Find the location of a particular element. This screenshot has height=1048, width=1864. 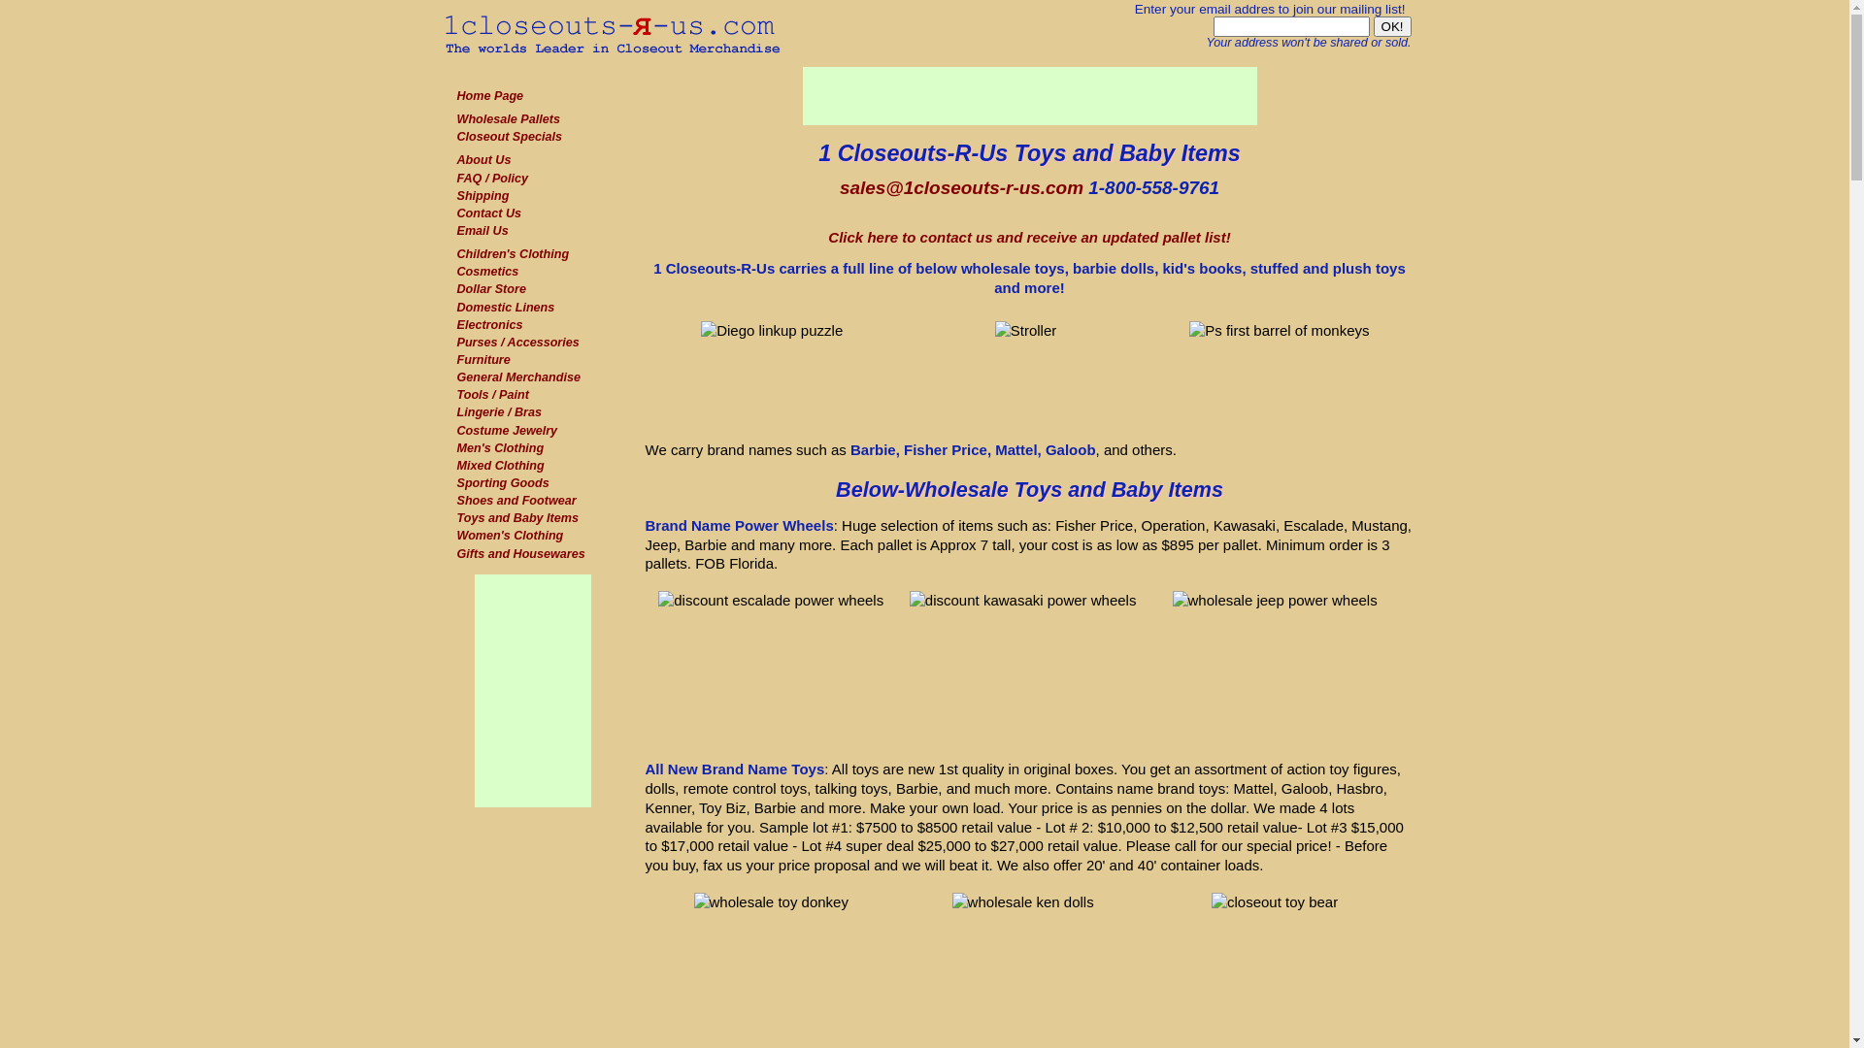

'About Us' is located at coordinates (483, 159).